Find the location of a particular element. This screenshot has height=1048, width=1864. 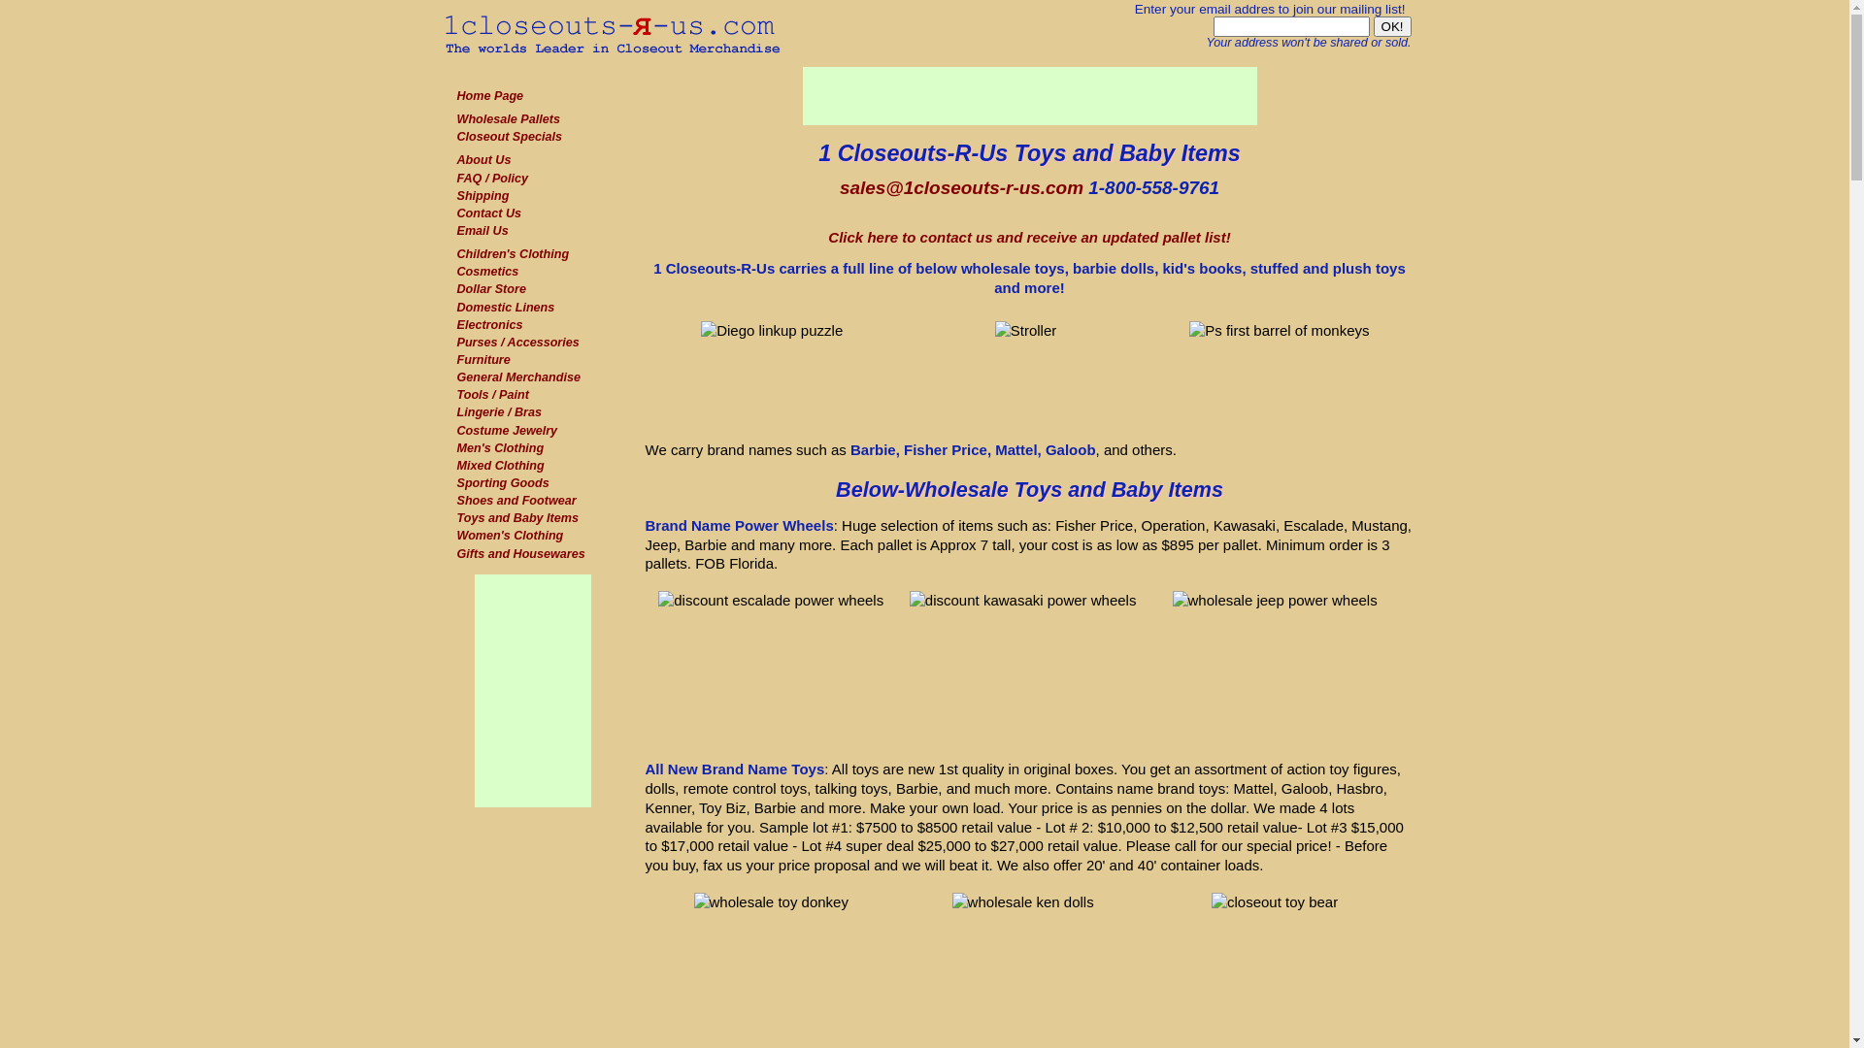

'About Us' is located at coordinates (483, 159).